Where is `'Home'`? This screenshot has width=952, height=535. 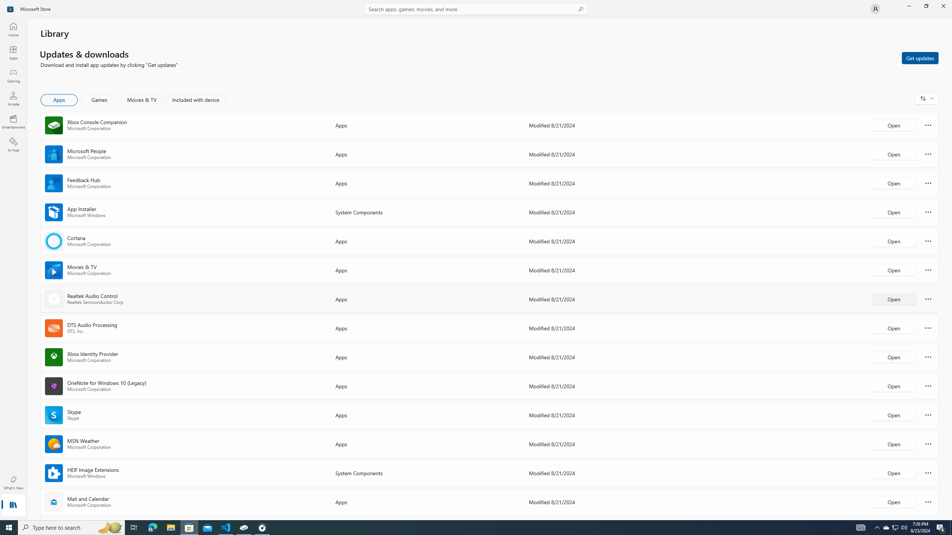 'Home' is located at coordinates (13, 29).